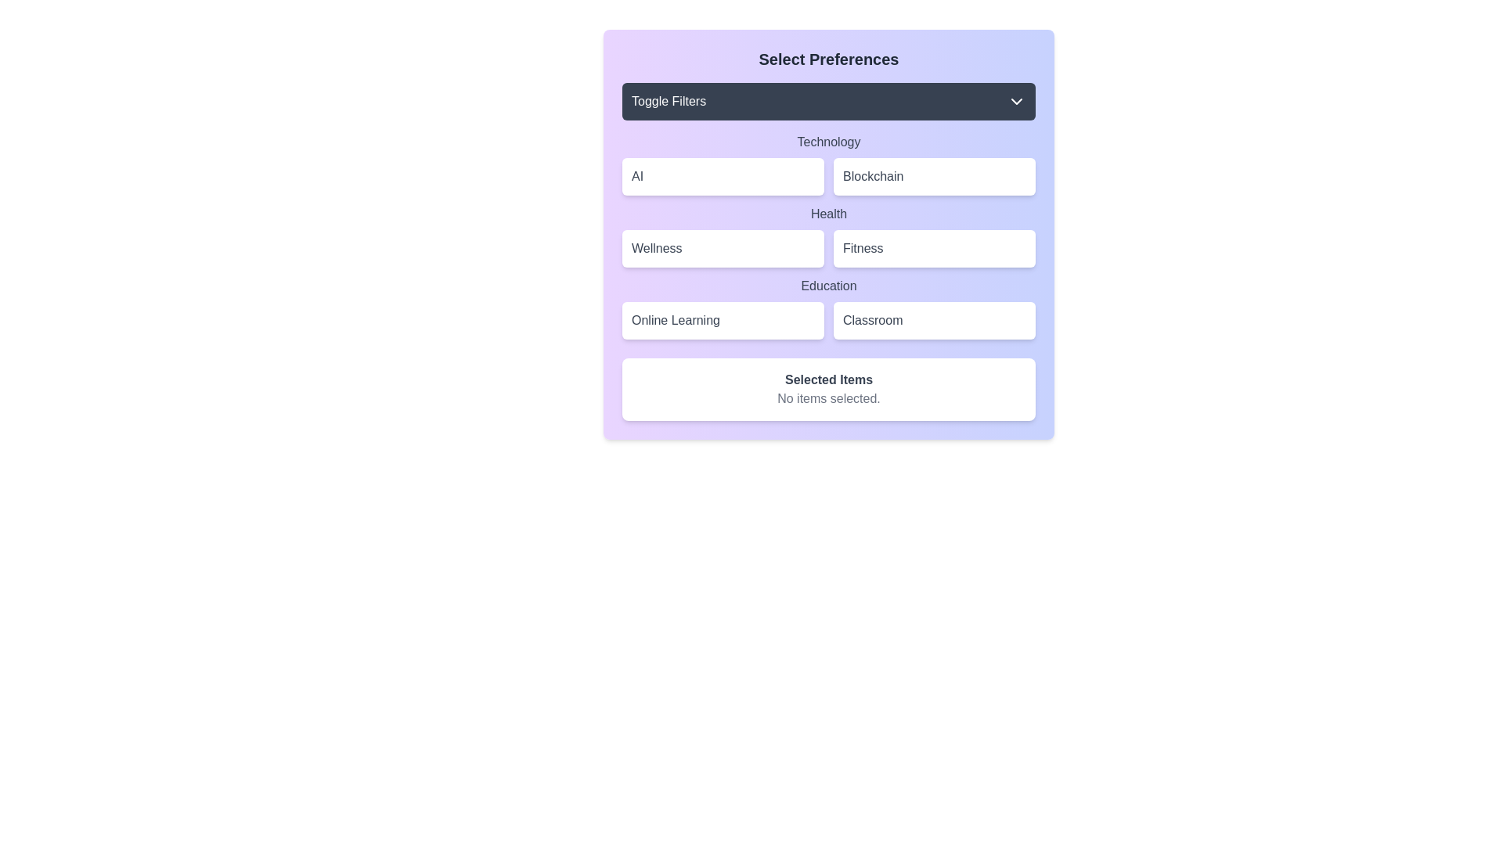  I want to click on the bold text label saying 'Selected Items' which is styled with a heavy font weight and gray color, located centrally within a white card, so click(828, 380).